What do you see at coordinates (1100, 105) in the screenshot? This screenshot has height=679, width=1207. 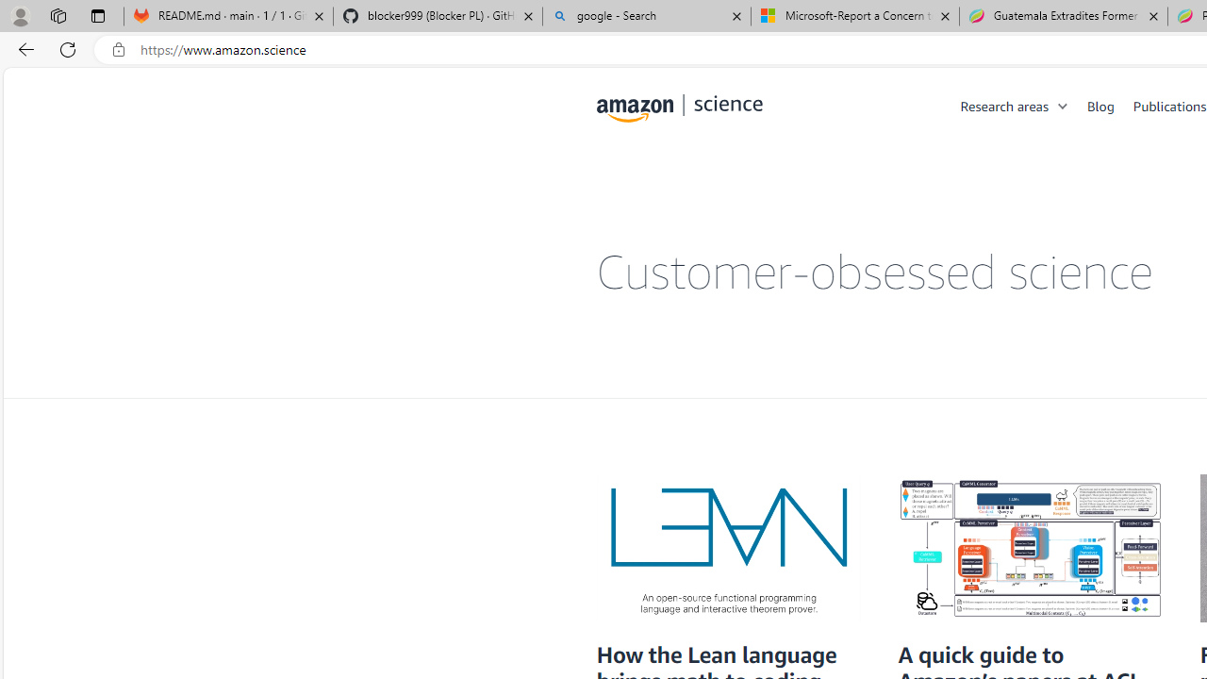 I see `'Blog'` at bounding box center [1100, 105].